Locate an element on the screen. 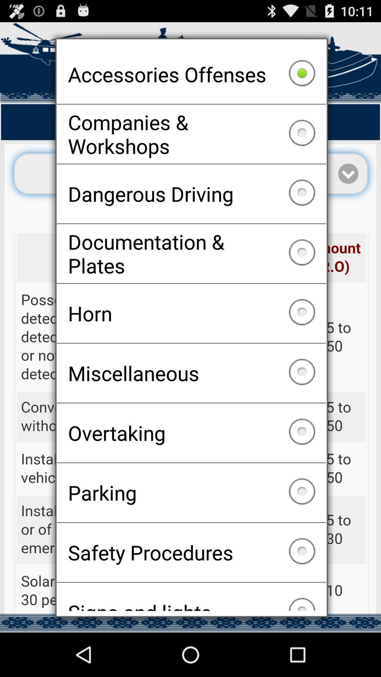 The height and width of the screenshot is (677, 381). the accessories offenses icon is located at coordinates (191, 74).